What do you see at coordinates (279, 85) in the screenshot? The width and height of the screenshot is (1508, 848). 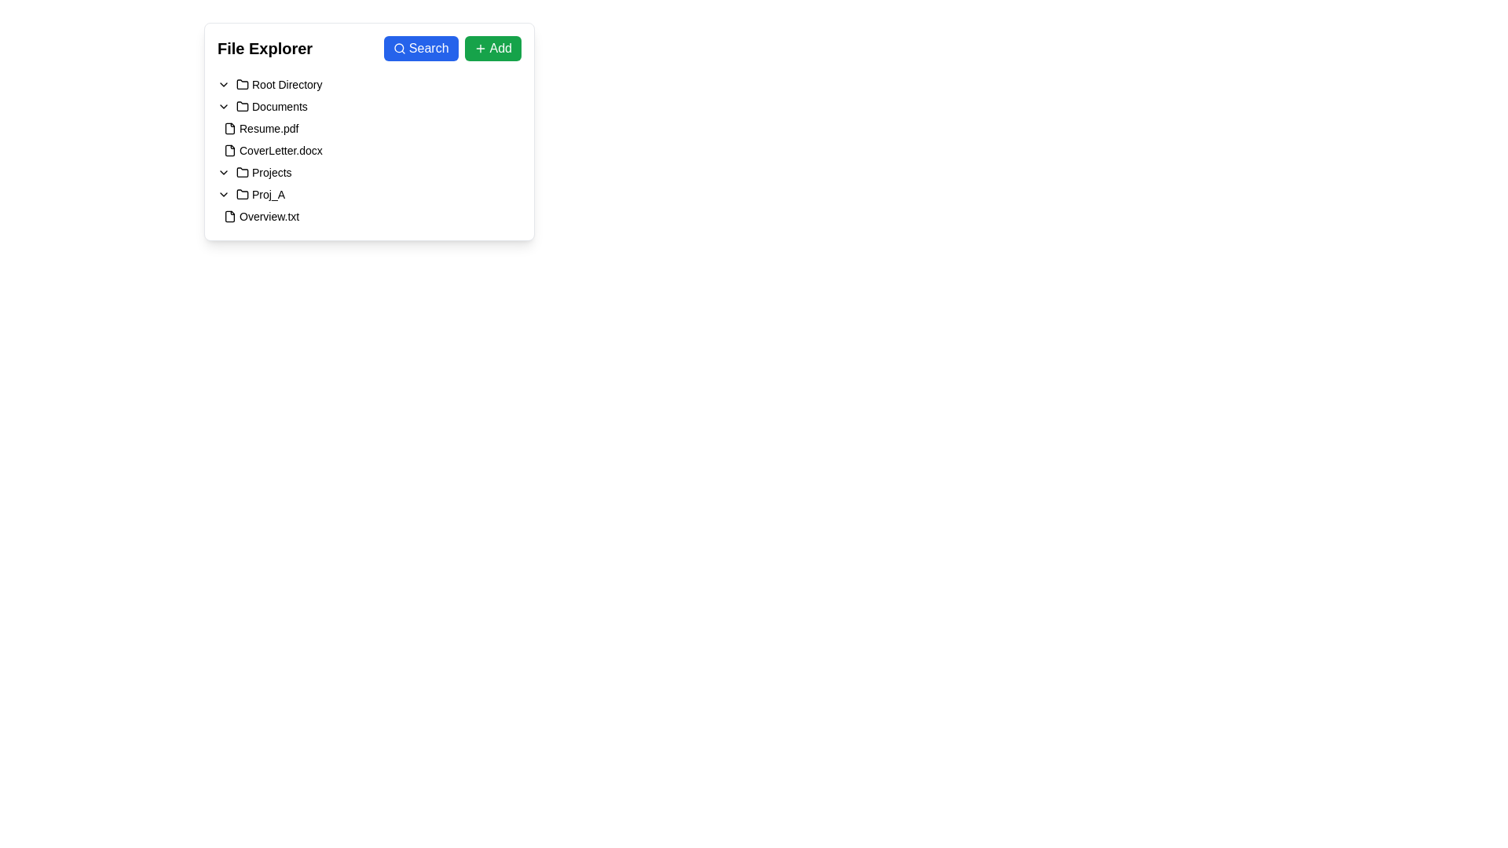 I see `the 'Root Directory' label, which is part of a clickable group and is displayed alongside a folder icon in the file explorer list` at bounding box center [279, 85].